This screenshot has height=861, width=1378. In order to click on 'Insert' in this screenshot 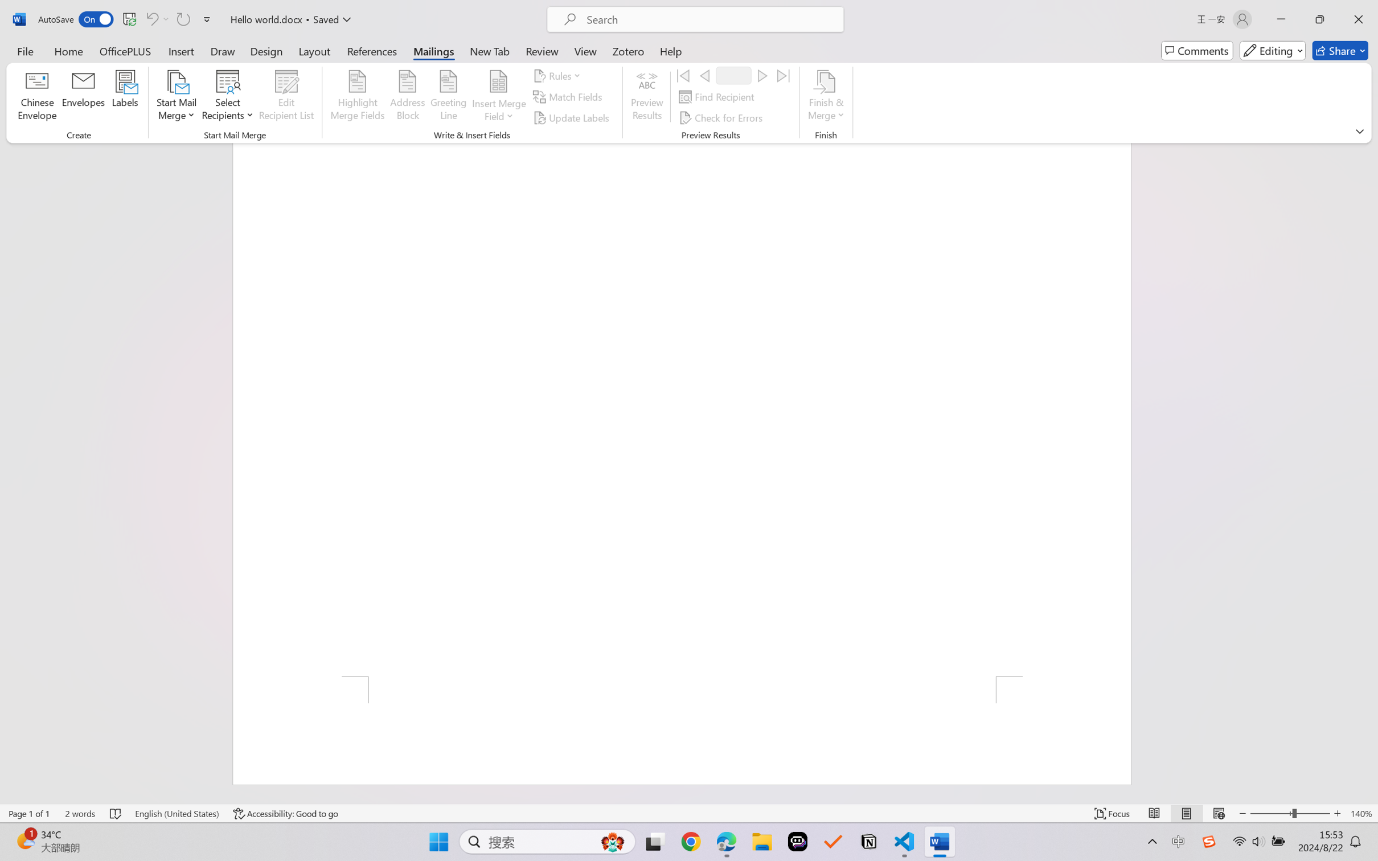, I will do `click(181, 50)`.